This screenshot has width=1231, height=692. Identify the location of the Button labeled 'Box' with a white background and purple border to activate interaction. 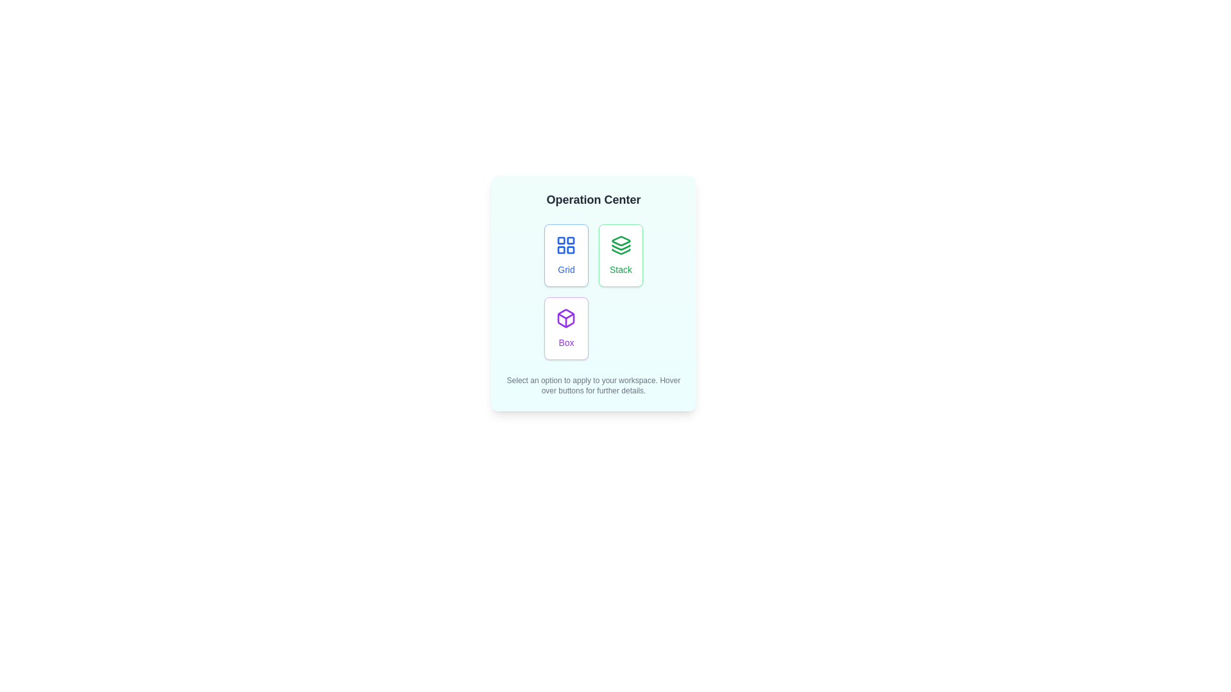
(565, 328).